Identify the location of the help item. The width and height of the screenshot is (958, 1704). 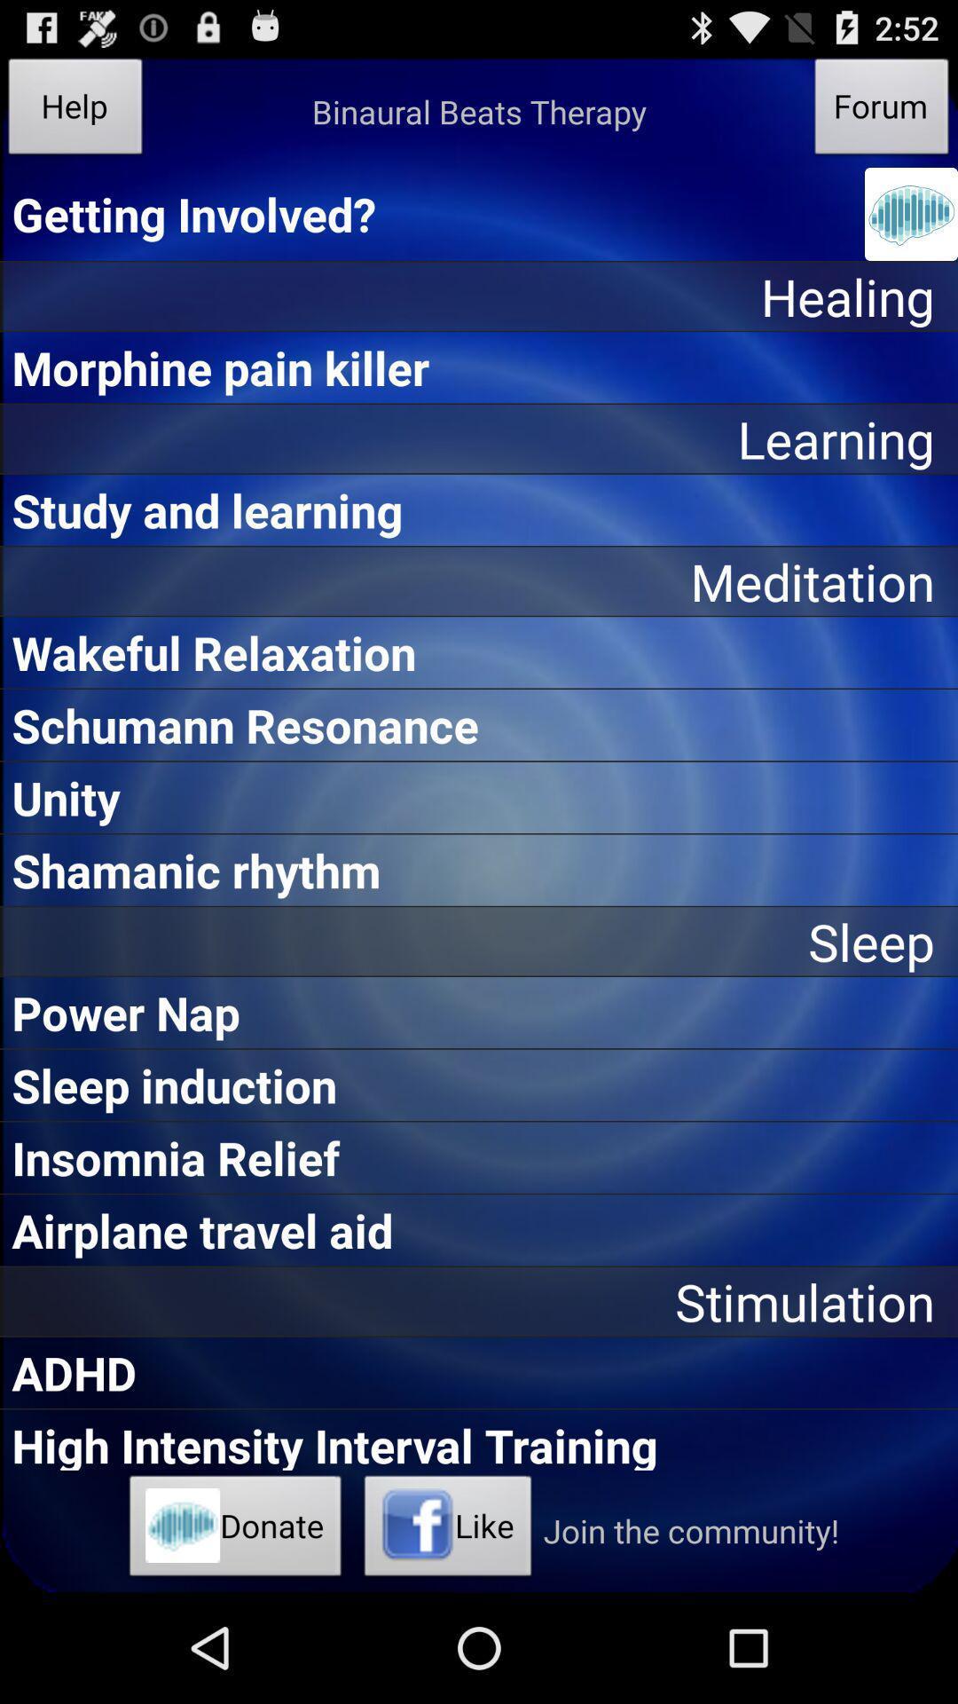
(75, 110).